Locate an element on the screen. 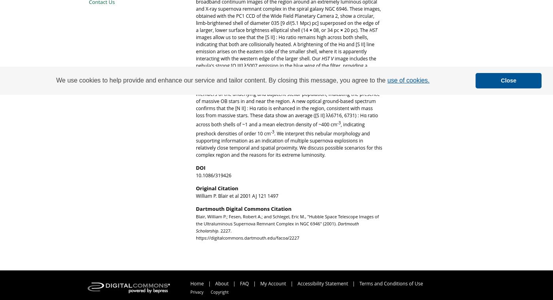 The width and height of the screenshot is (553, 300). 'My Account' is located at coordinates (274, 283).